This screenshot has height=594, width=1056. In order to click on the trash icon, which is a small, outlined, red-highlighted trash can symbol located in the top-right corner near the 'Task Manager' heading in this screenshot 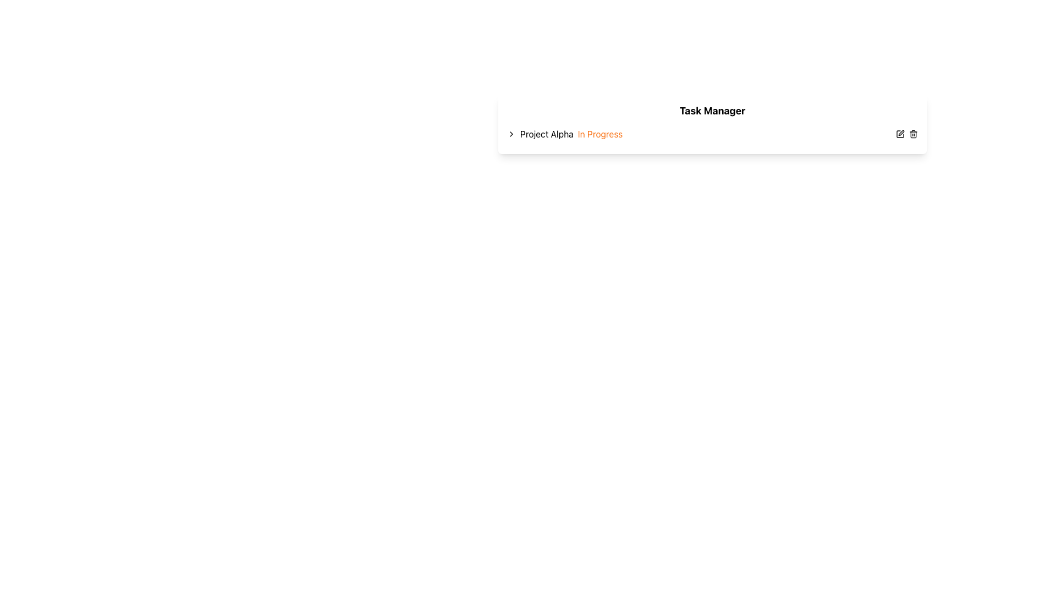, I will do `click(913, 133)`.